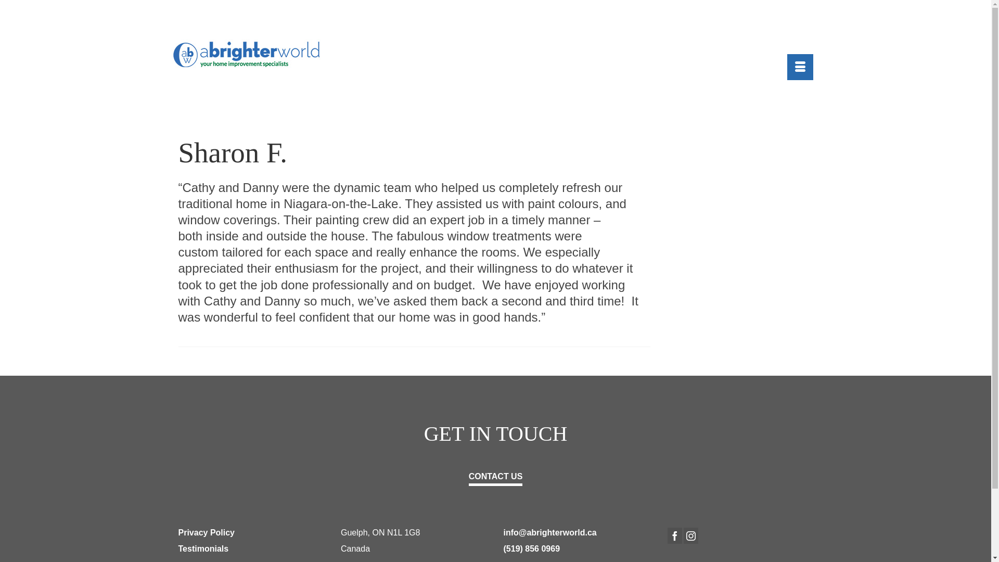 Image resolution: width=999 pixels, height=562 pixels. What do you see at coordinates (495, 476) in the screenshot?
I see `'CONTACT US'` at bounding box center [495, 476].